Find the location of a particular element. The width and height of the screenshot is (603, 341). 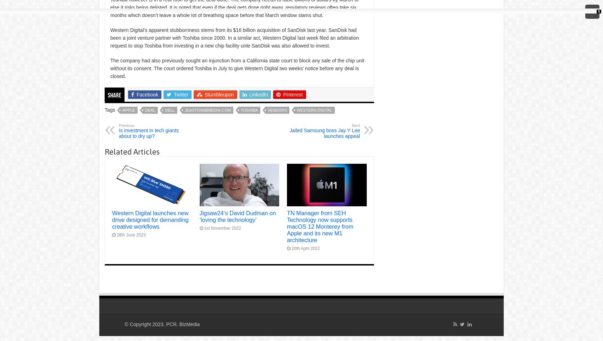

'Apple' is located at coordinates (128, 110).